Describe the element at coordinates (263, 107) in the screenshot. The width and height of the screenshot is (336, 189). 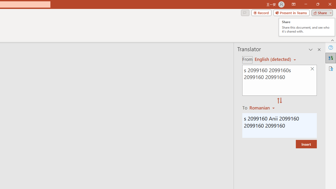
I see `'Romanian'` at that location.